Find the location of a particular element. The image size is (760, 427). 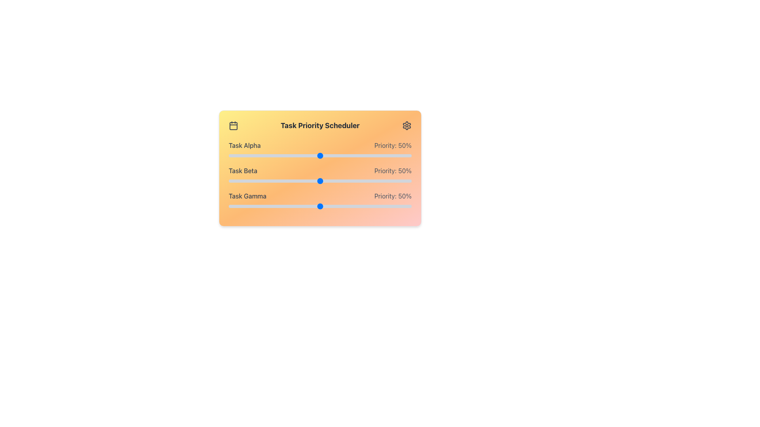

the priority of Task Gamma is located at coordinates (388, 206).